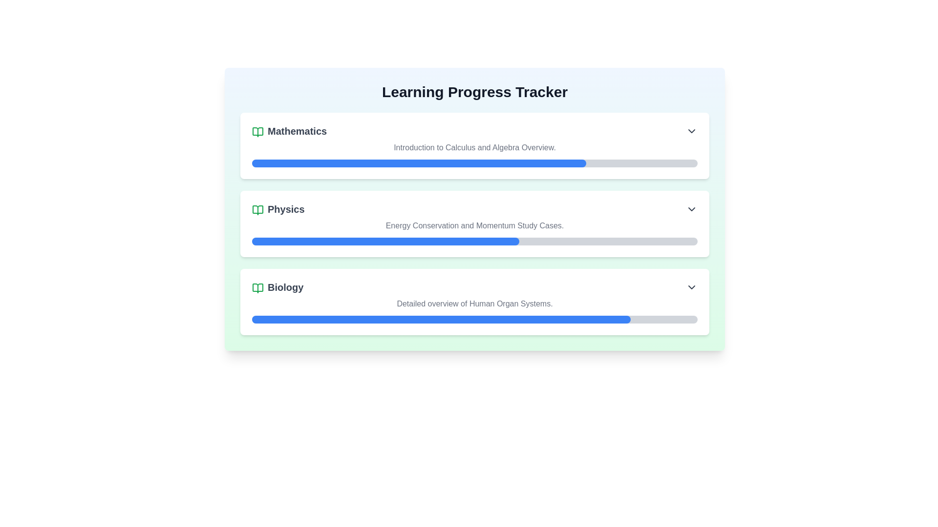 The height and width of the screenshot is (527, 938). What do you see at coordinates (385, 241) in the screenshot?
I see `the progress bar segment that visually represents 60% completion for the 'Physics' section` at bounding box center [385, 241].